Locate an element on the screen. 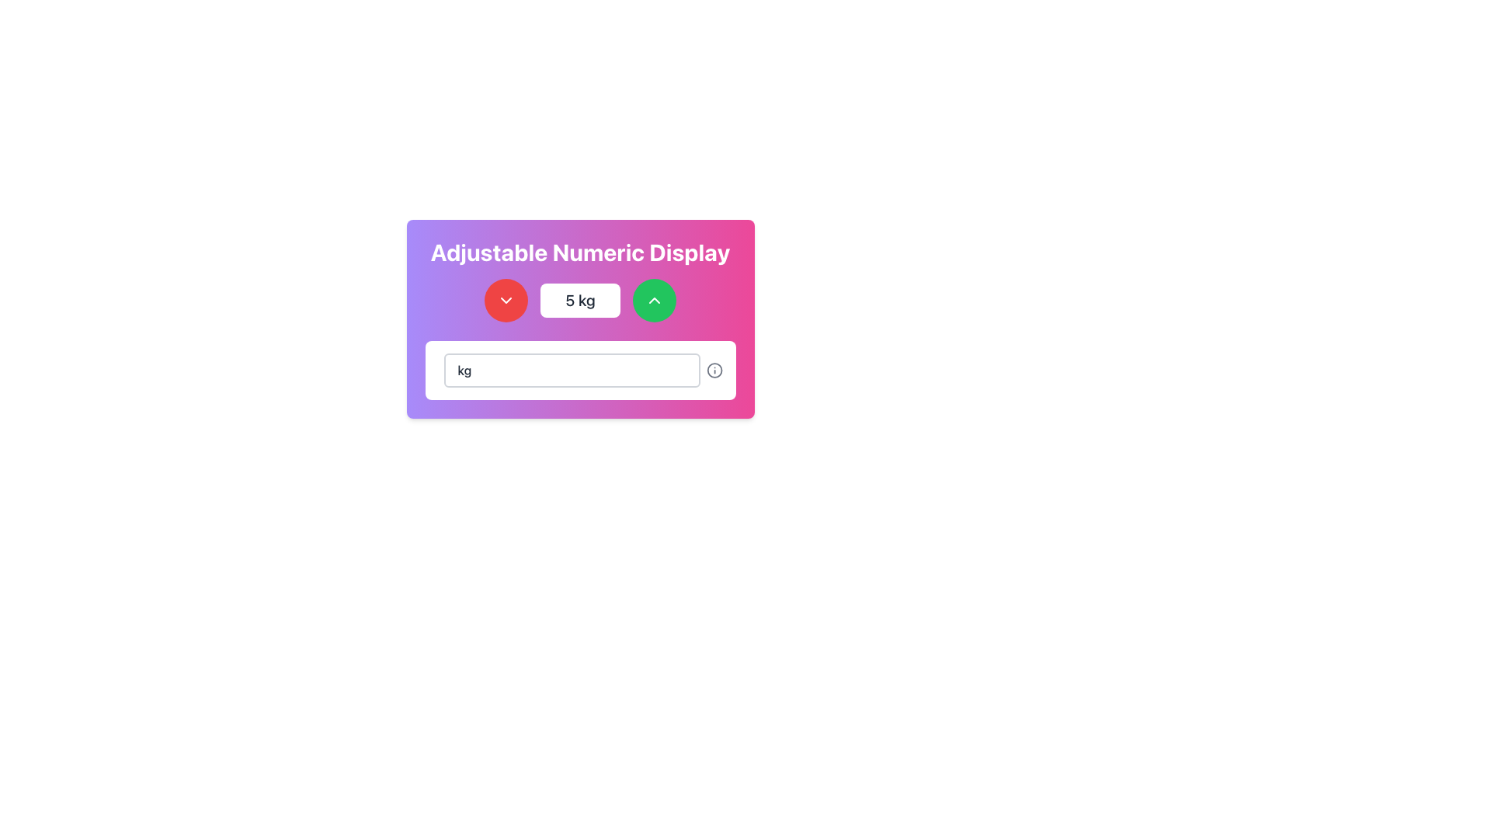 This screenshot has width=1491, height=839. the numeric display label that shows the current weight value in kilograms, located between the red downward chevron button and the green upward chevron button within the 'Adjustable Numeric Display' card is located at coordinates (579, 300).